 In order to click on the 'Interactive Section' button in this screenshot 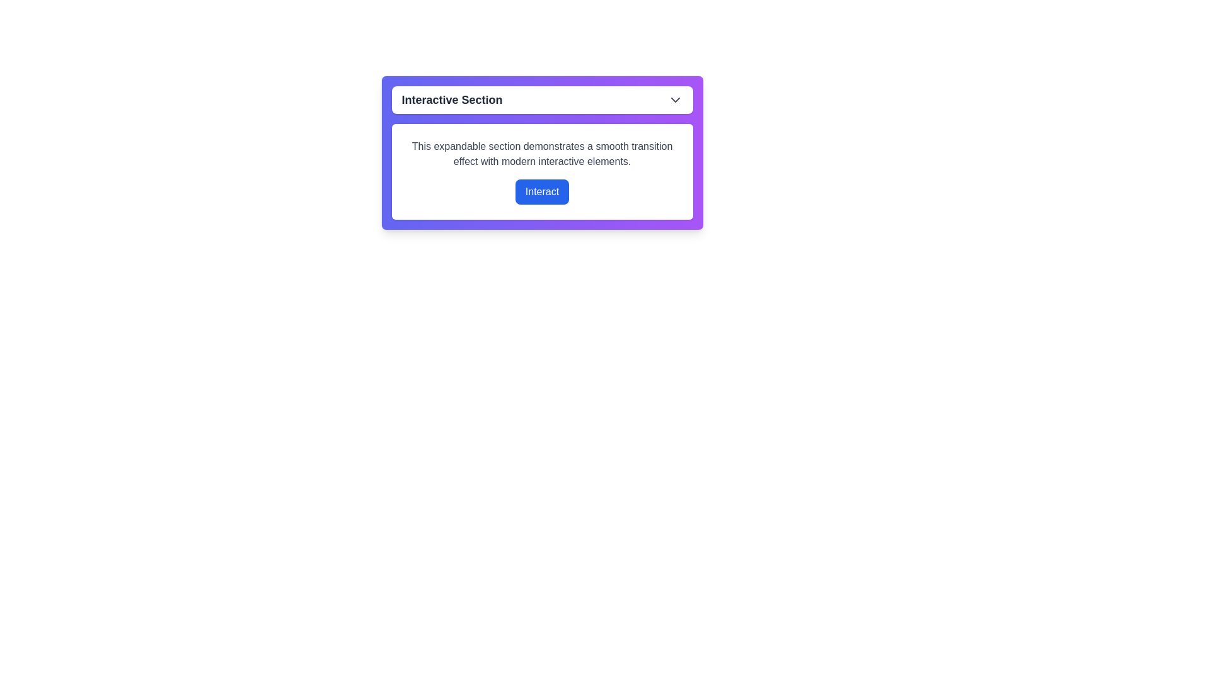, I will do `click(542, 99)`.